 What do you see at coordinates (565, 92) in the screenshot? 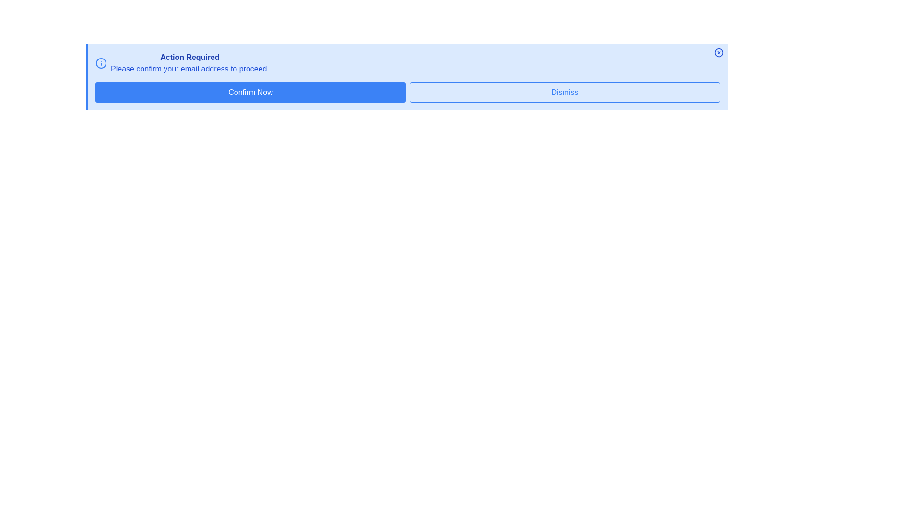
I see `'Dismiss' button to close the alert` at bounding box center [565, 92].